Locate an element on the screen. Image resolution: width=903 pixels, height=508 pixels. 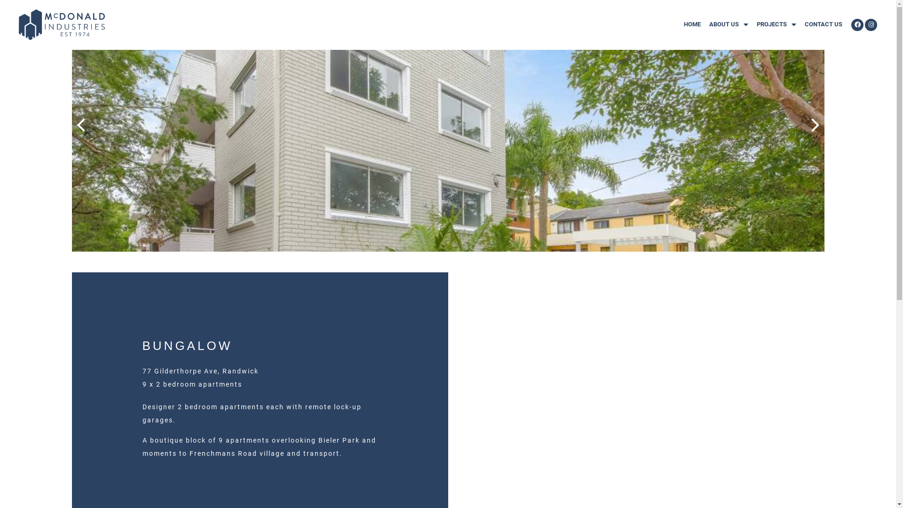
'HOME' is located at coordinates (692, 24).